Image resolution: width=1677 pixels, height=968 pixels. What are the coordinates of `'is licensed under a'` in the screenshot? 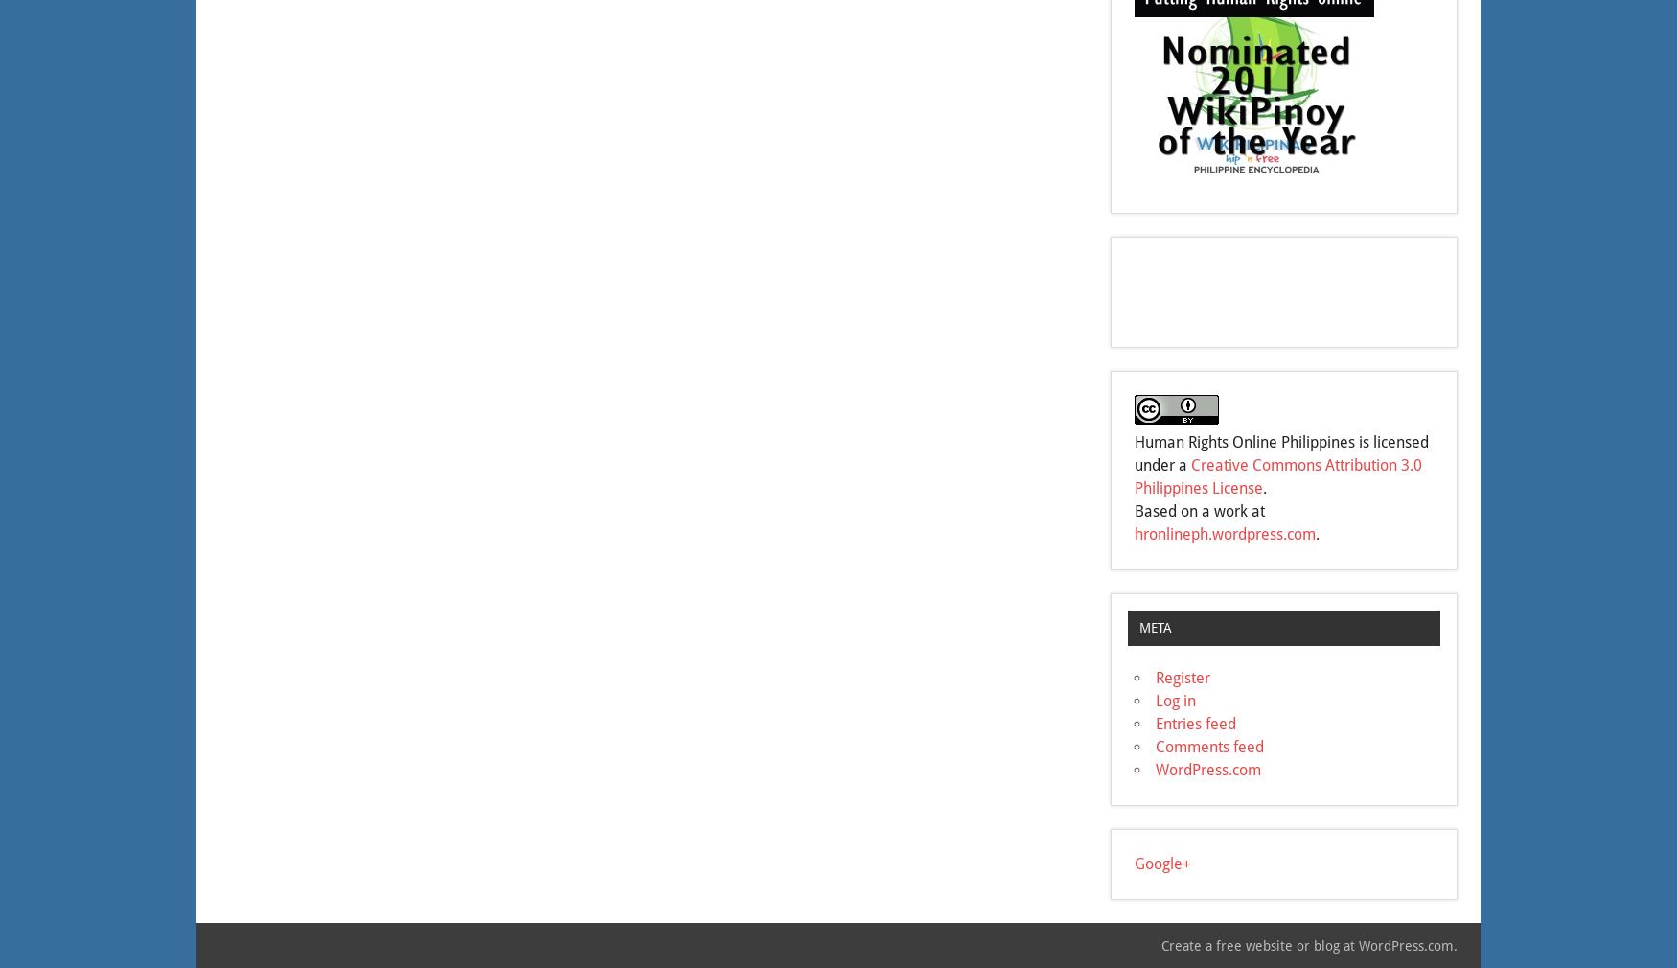 It's located at (1134, 453).